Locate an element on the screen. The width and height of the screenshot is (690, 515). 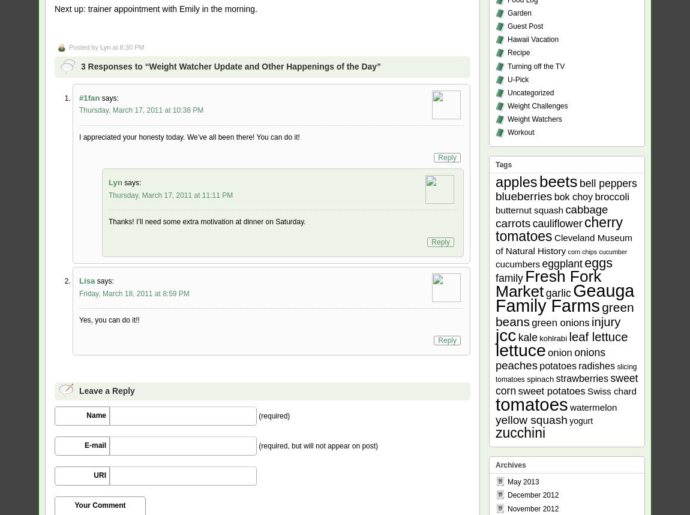
'3 Responses to “Weight Watcher Update and Other Happenings of the Day”' is located at coordinates (230, 66).